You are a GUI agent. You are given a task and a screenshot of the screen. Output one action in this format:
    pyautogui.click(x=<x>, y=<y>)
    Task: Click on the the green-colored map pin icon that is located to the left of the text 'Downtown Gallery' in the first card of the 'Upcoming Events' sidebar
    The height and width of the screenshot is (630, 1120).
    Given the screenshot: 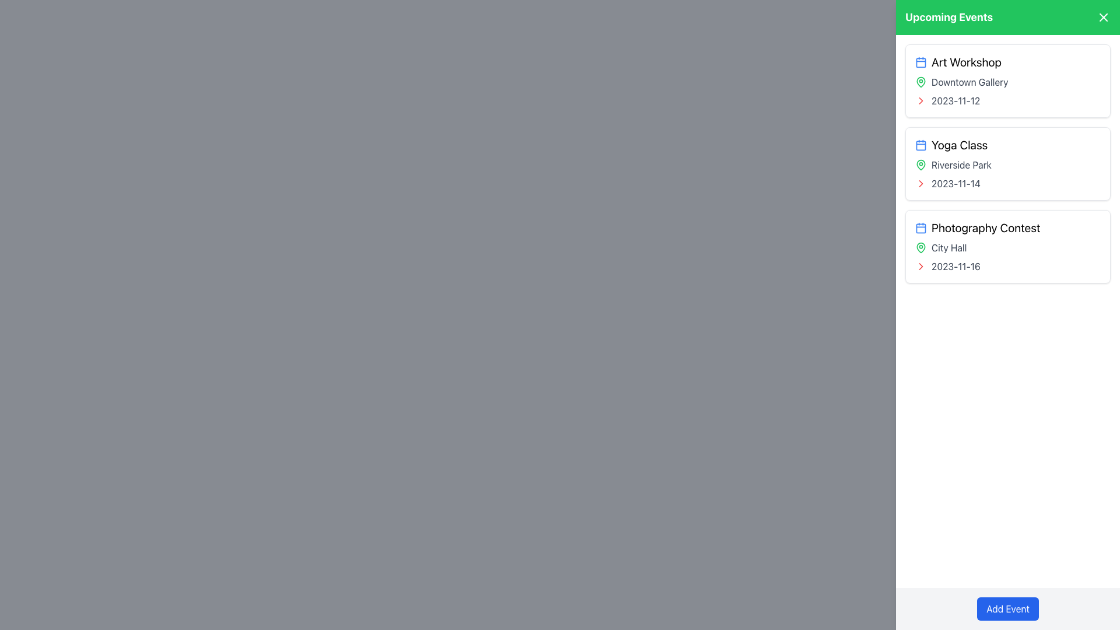 What is the action you would take?
    pyautogui.click(x=921, y=82)
    